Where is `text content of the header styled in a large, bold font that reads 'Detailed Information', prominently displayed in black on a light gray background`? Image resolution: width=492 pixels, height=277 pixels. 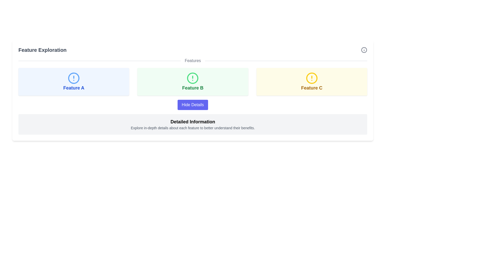
text content of the header styled in a large, bold font that reads 'Detailed Information', prominently displayed in black on a light gray background is located at coordinates (192, 122).